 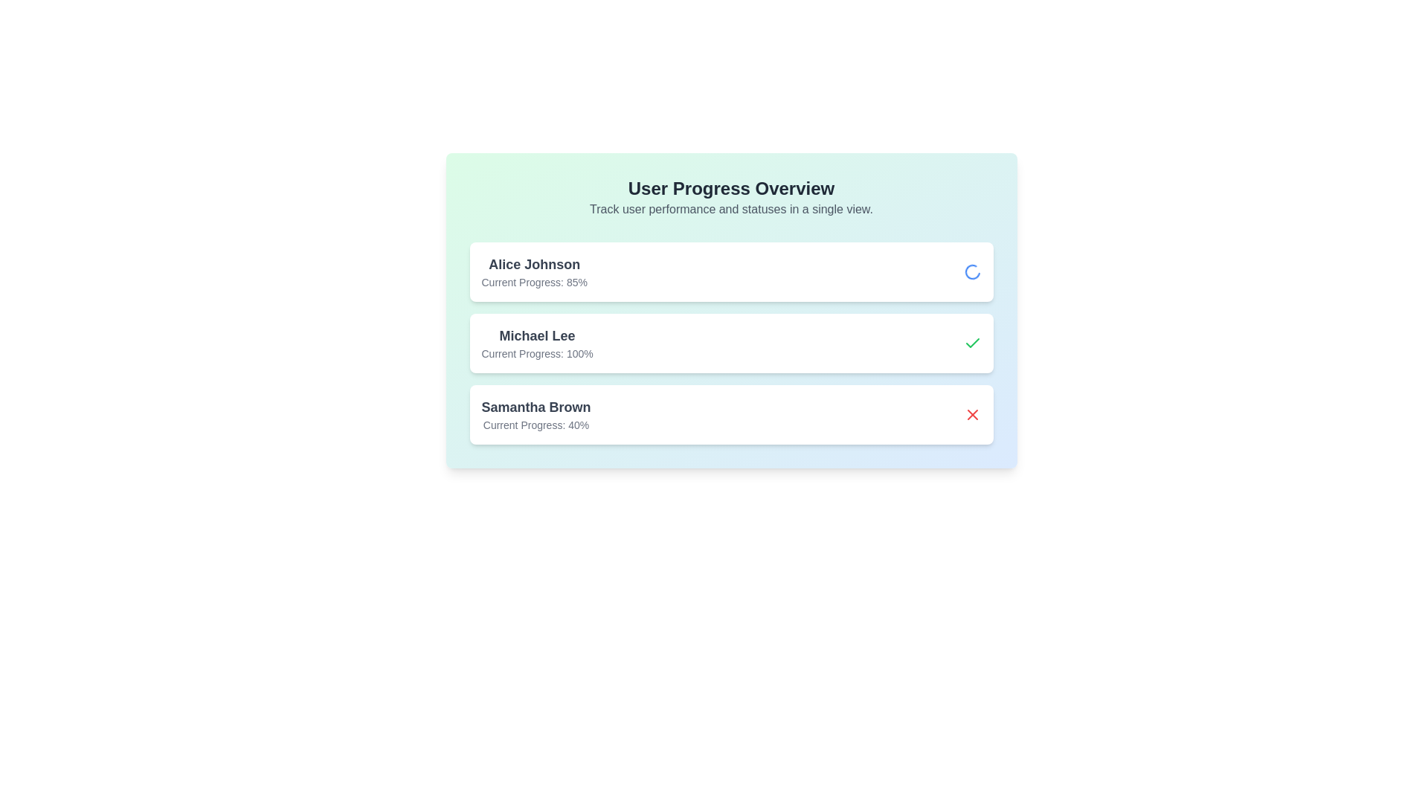 What do you see at coordinates (972, 272) in the screenshot?
I see `the loading spinner indicator located next to the 'Current Progress: 85%' text in Alice Johnson's progress overview interface` at bounding box center [972, 272].